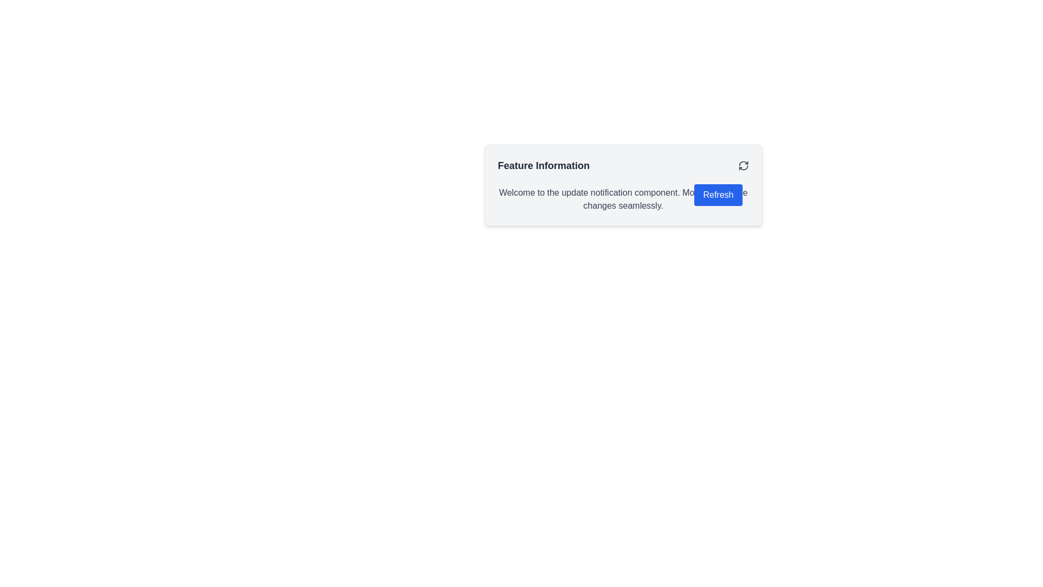 This screenshot has height=587, width=1043. Describe the element at coordinates (718, 194) in the screenshot. I see `the 'Refresh' button, which is a rectangular button with a blue background and white text, located at the bottom-right corner of the notification panel, to observe the styling change` at that location.